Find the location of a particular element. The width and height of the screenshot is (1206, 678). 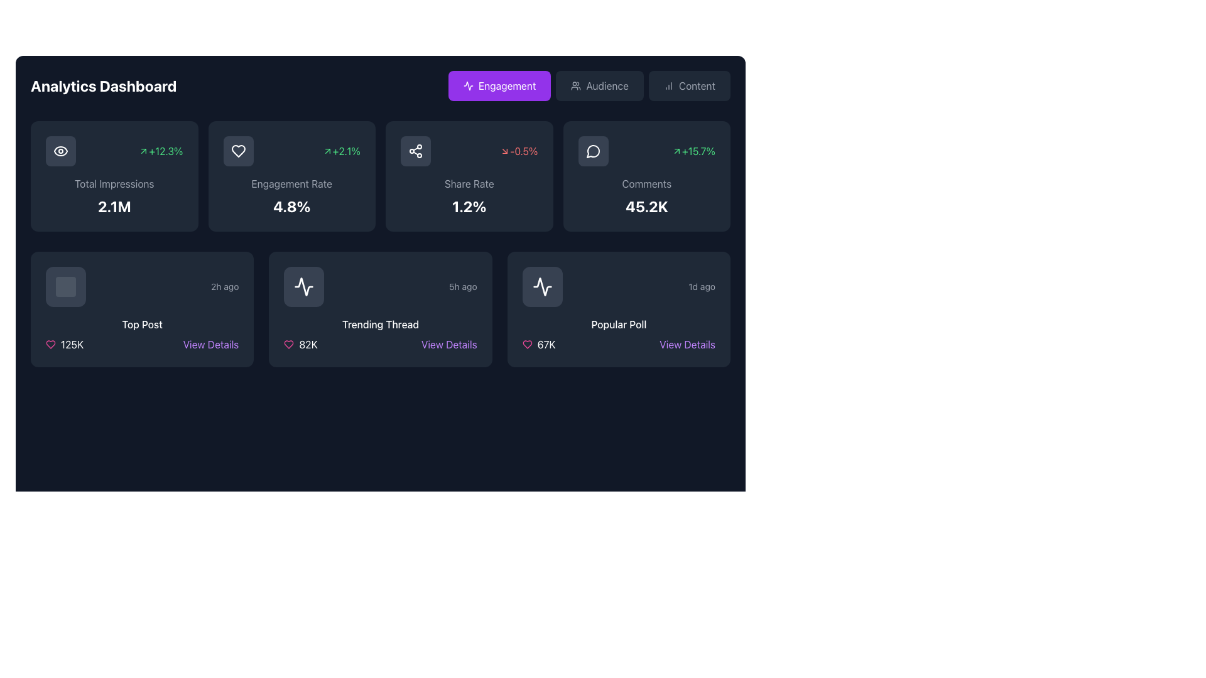

the Icon Button with a pulse icon in the 'Trending Thread' card for keyboard interaction is located at coordinates (304, 286).